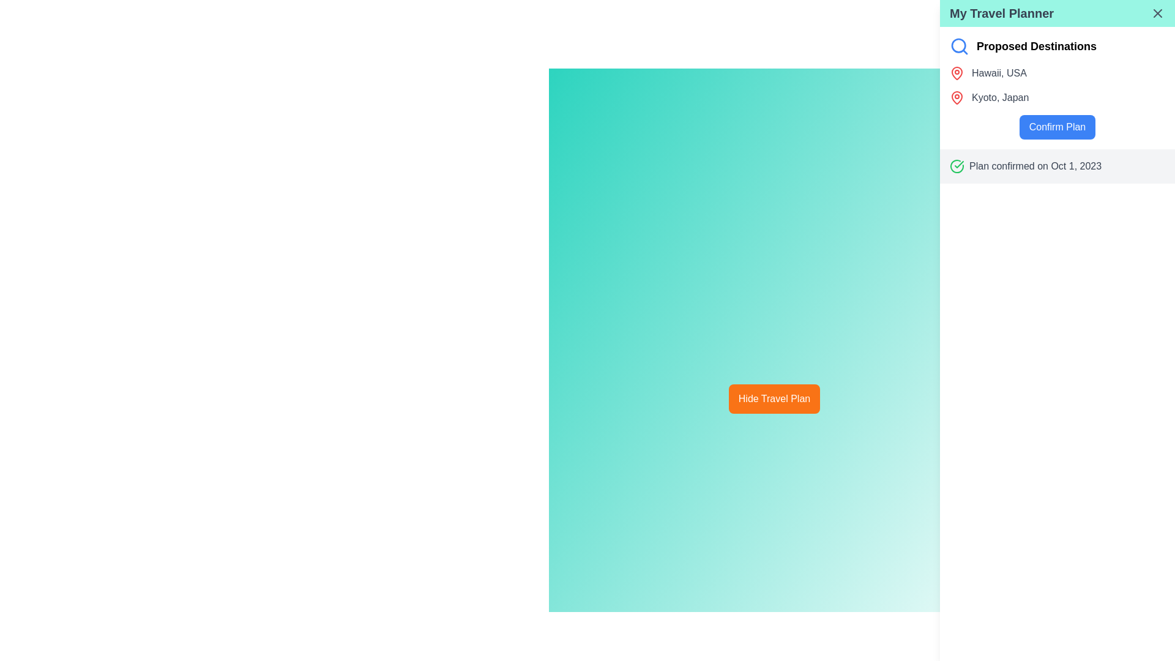 This screenshot has height=661, width=1175. Describe the element at coordinates (1000, 97) in the screenshot. I see `the text label displaying 'Kyoto, Japan'` at that location.